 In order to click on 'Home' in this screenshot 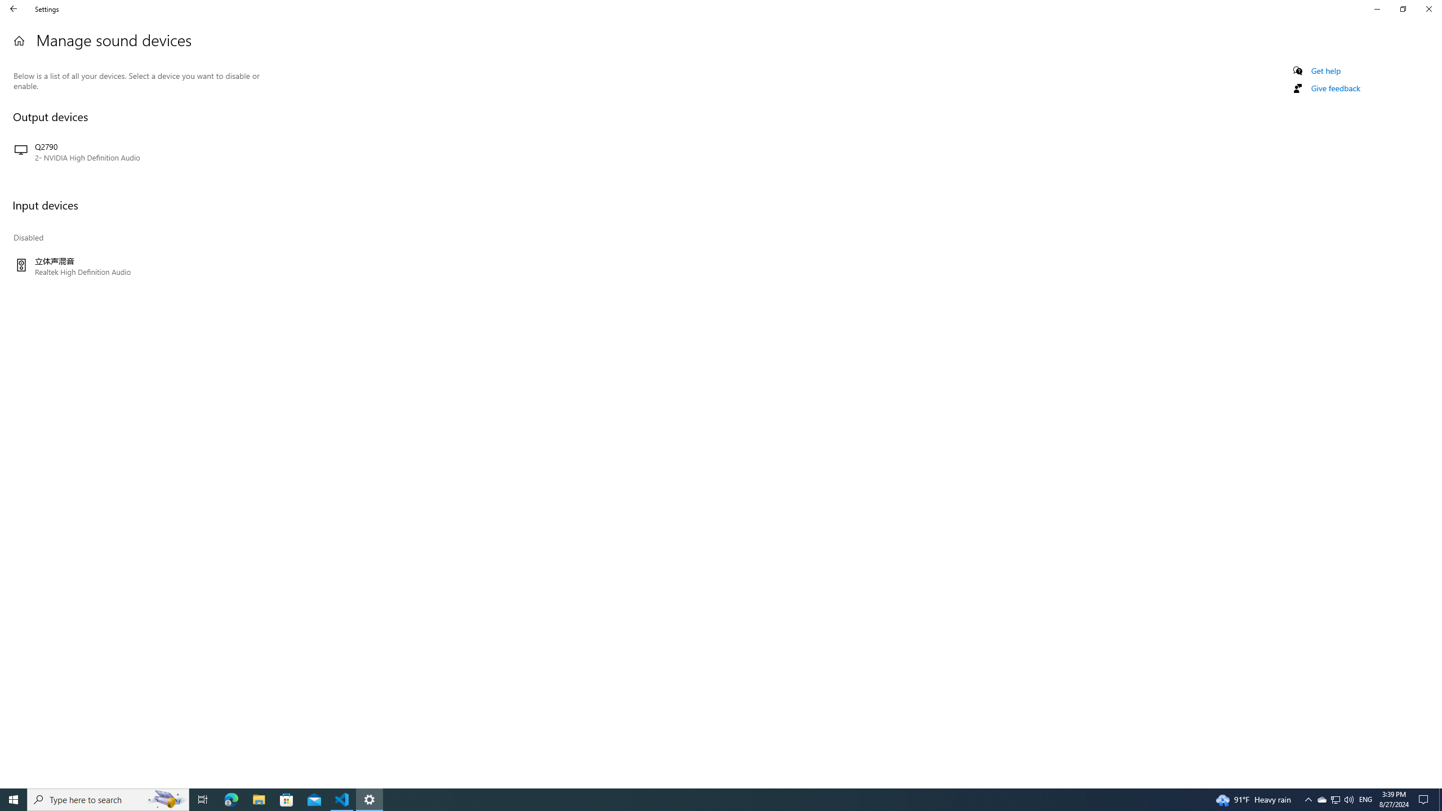, I will do `click(19, 41)`.